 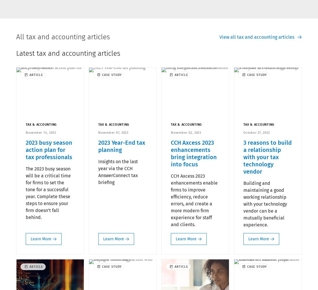 I want to click on 'CCH Axcess 2023 enhancements bring integration into focus', so click(x=194, y=153).